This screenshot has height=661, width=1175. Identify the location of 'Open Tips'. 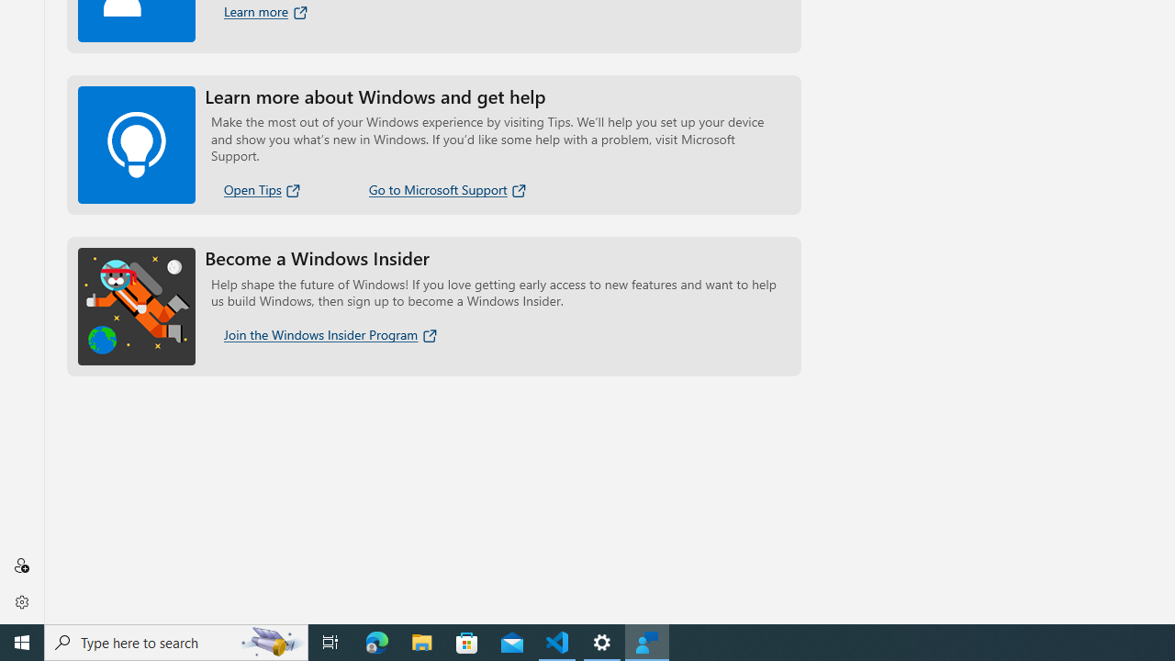
(262, 189).